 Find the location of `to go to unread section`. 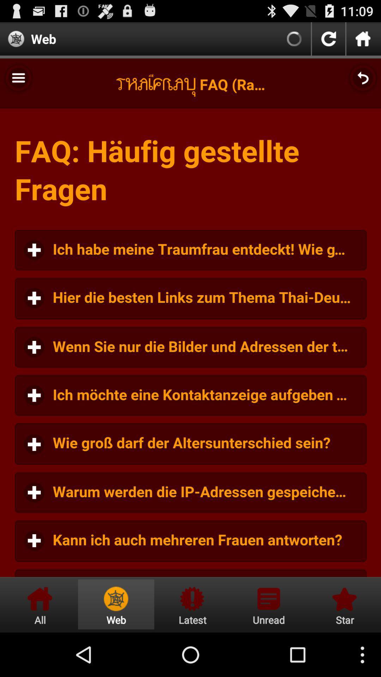

to go to unread section is located at coordinates (268, 604).